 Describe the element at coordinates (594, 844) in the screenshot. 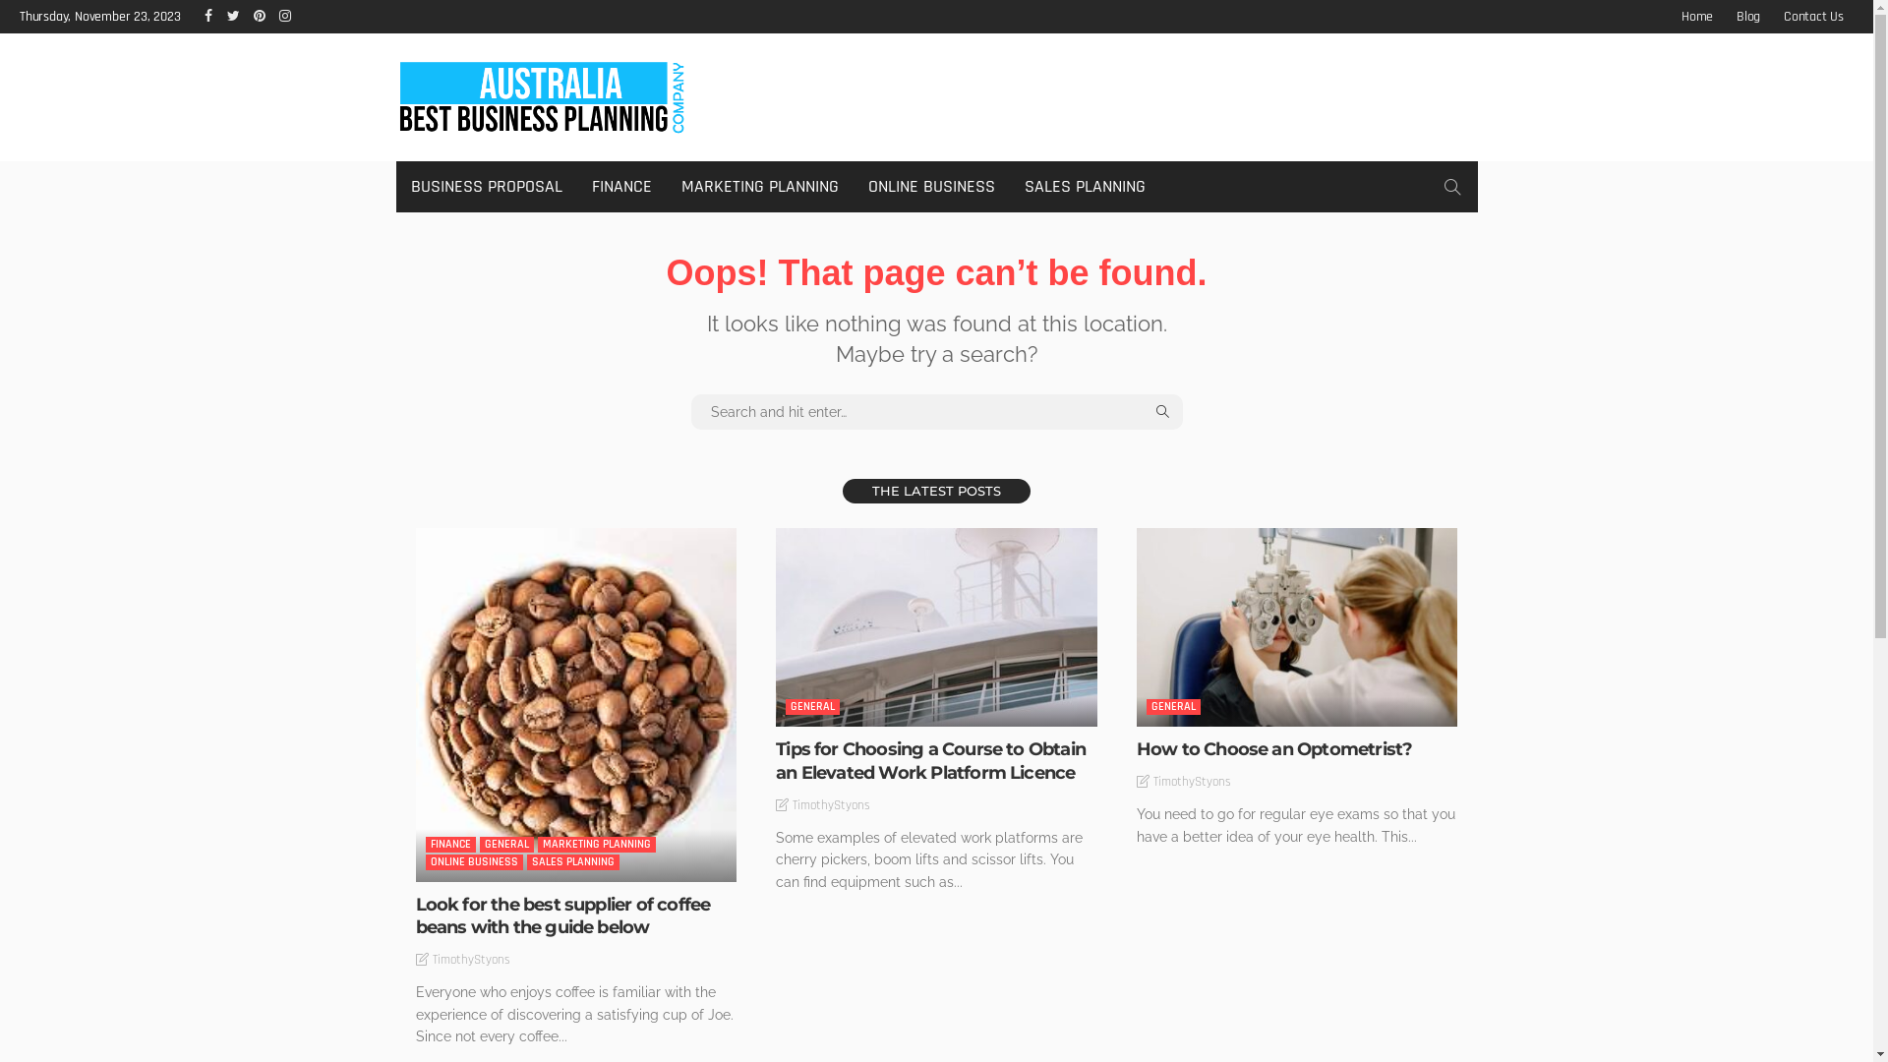

I see `'MARKETING PLANNING'` at that location.